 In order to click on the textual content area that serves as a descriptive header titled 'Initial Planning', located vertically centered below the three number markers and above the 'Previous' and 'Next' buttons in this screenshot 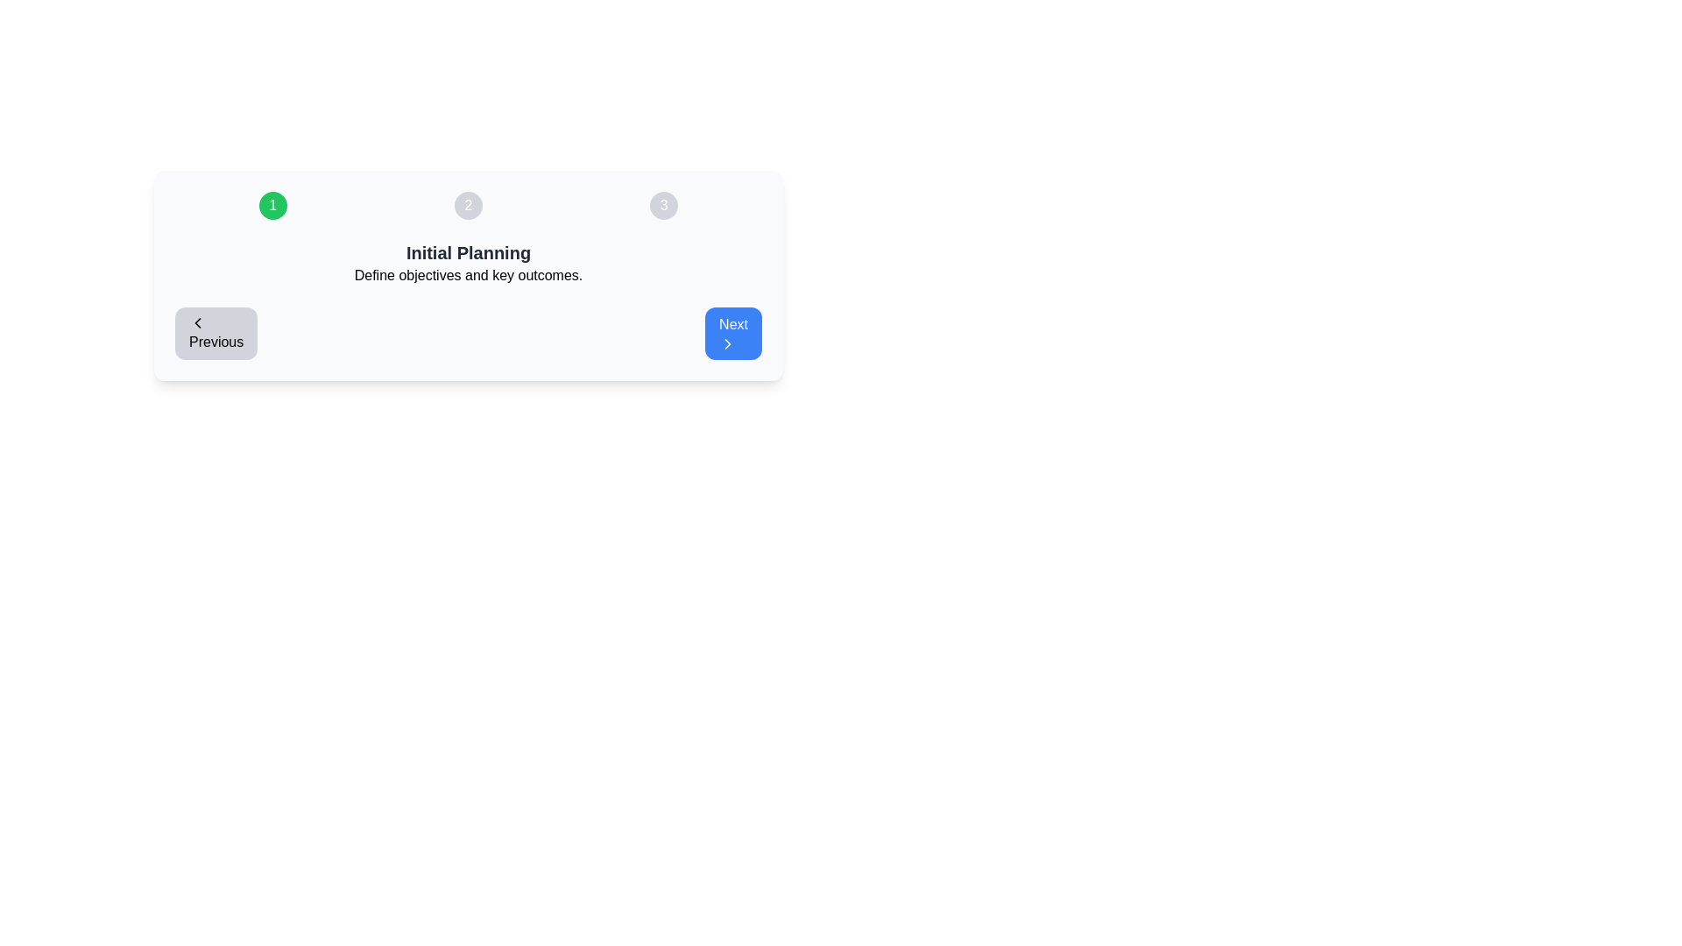, I will do `click(468, 263)`.